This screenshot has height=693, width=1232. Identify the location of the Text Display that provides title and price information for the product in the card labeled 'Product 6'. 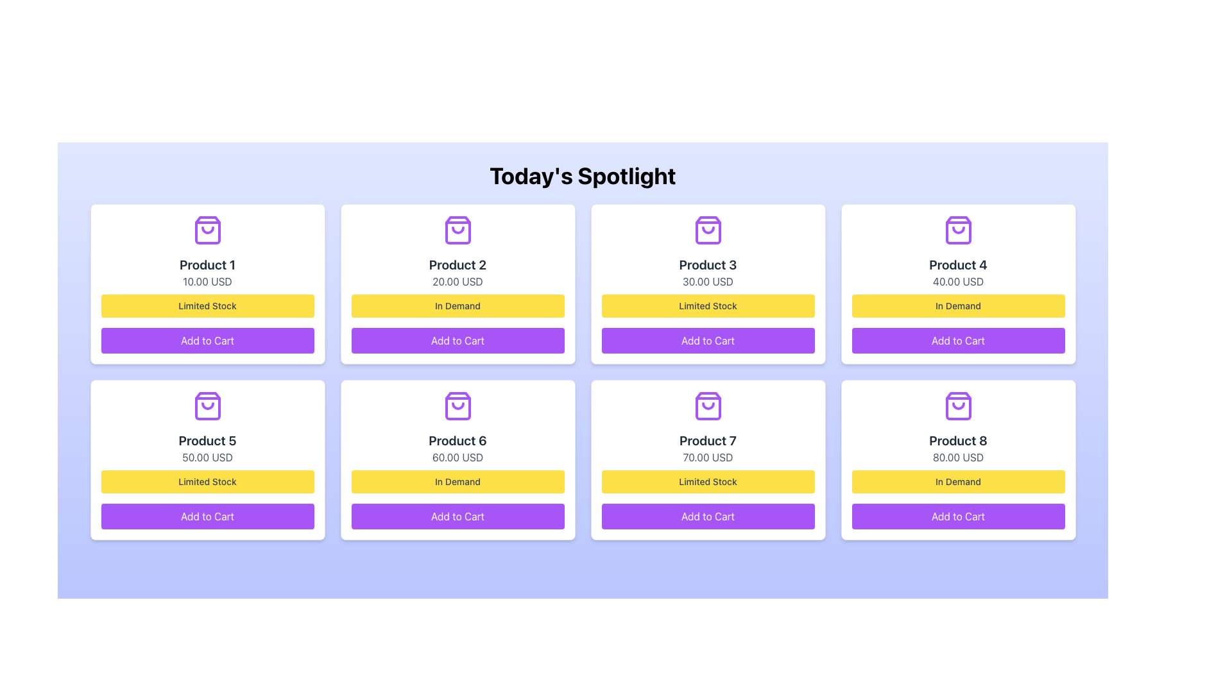
(458, 447).